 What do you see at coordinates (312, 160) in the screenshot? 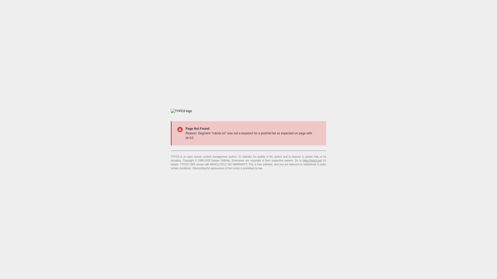
I see `'https://typo3.org/'` at bounding box center [312, 160].